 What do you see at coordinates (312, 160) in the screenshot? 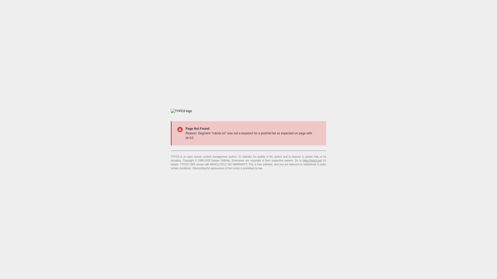
I see `'https://typo3.org/'` at bounding box center [312, 160].